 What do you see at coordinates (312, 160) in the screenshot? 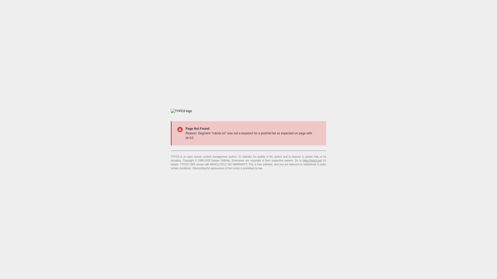
I see `'https://typo3.org/'` at bounding box center [312, 160].